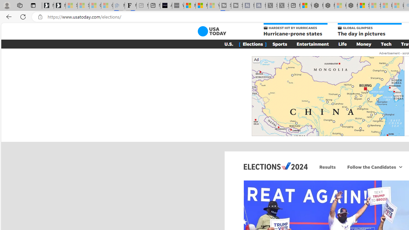 The height and width of the screenshot is (230, 409). What do you see at coordinates (342, 43) in the screenshot?
I see `'Life'` at bounding box center [342, 43].